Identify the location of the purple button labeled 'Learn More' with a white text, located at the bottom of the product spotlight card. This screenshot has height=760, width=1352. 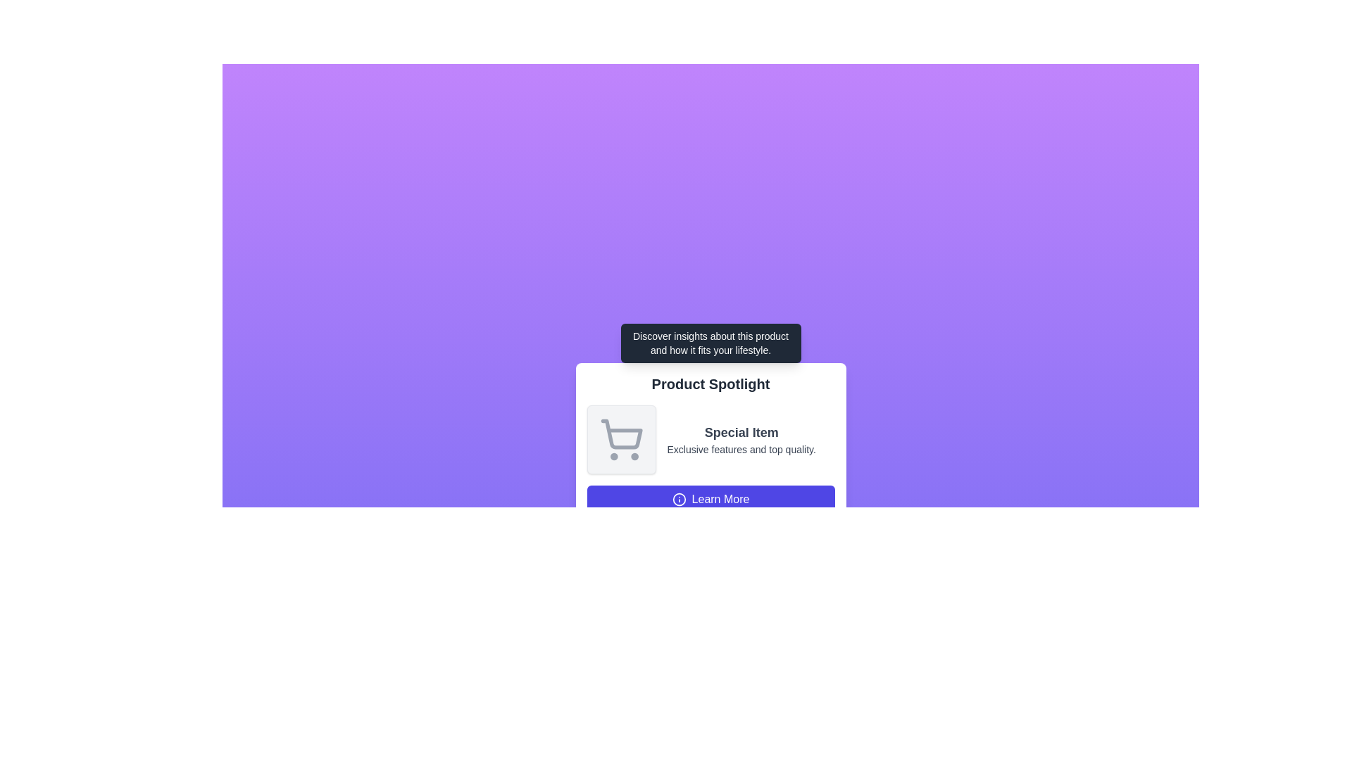
(711, 498).